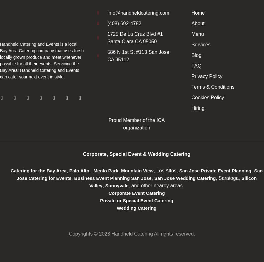  Describe the element at coordinates (207, 76) in the screenshot. I see `'Privacy Policy'` at that location.